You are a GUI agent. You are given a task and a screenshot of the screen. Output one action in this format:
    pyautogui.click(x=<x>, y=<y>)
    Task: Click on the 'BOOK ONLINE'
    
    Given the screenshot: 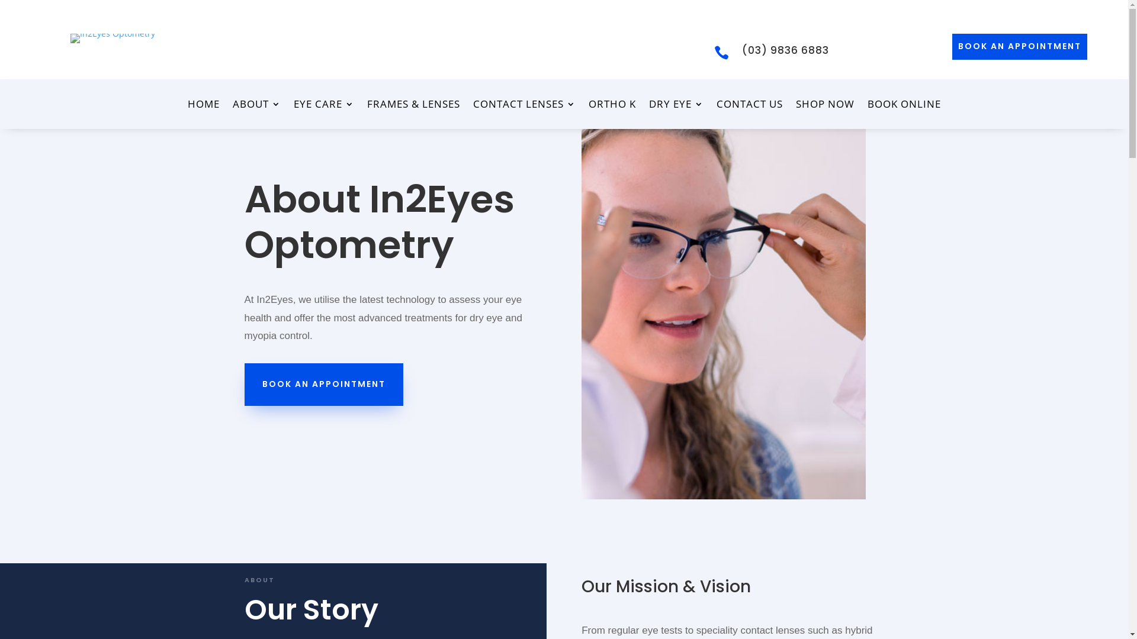 What is the action you would take?
    pyautogui.click(x=903, y=106)
    